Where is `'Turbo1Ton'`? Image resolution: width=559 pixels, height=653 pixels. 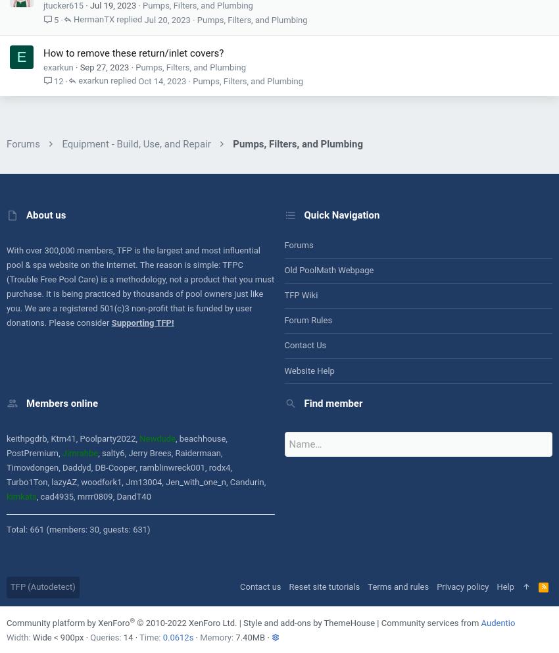
'Turbo1Ton' is located at coordinates (26, 482).